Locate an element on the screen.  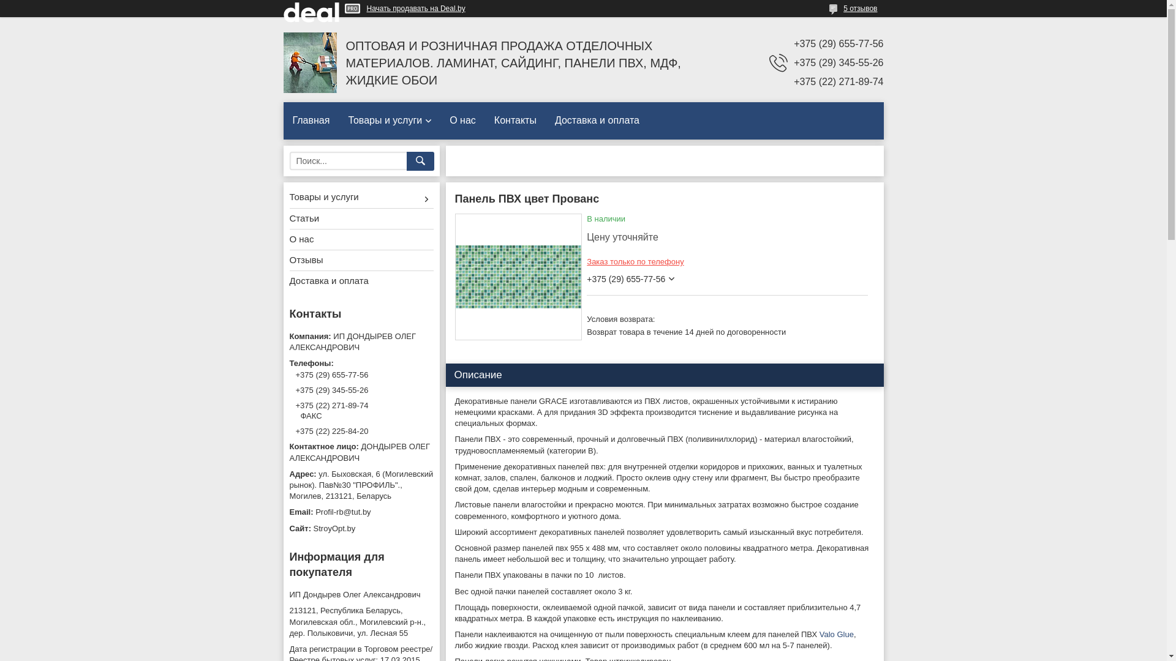
'Valo Glue' is located at coordinates (820, 633).